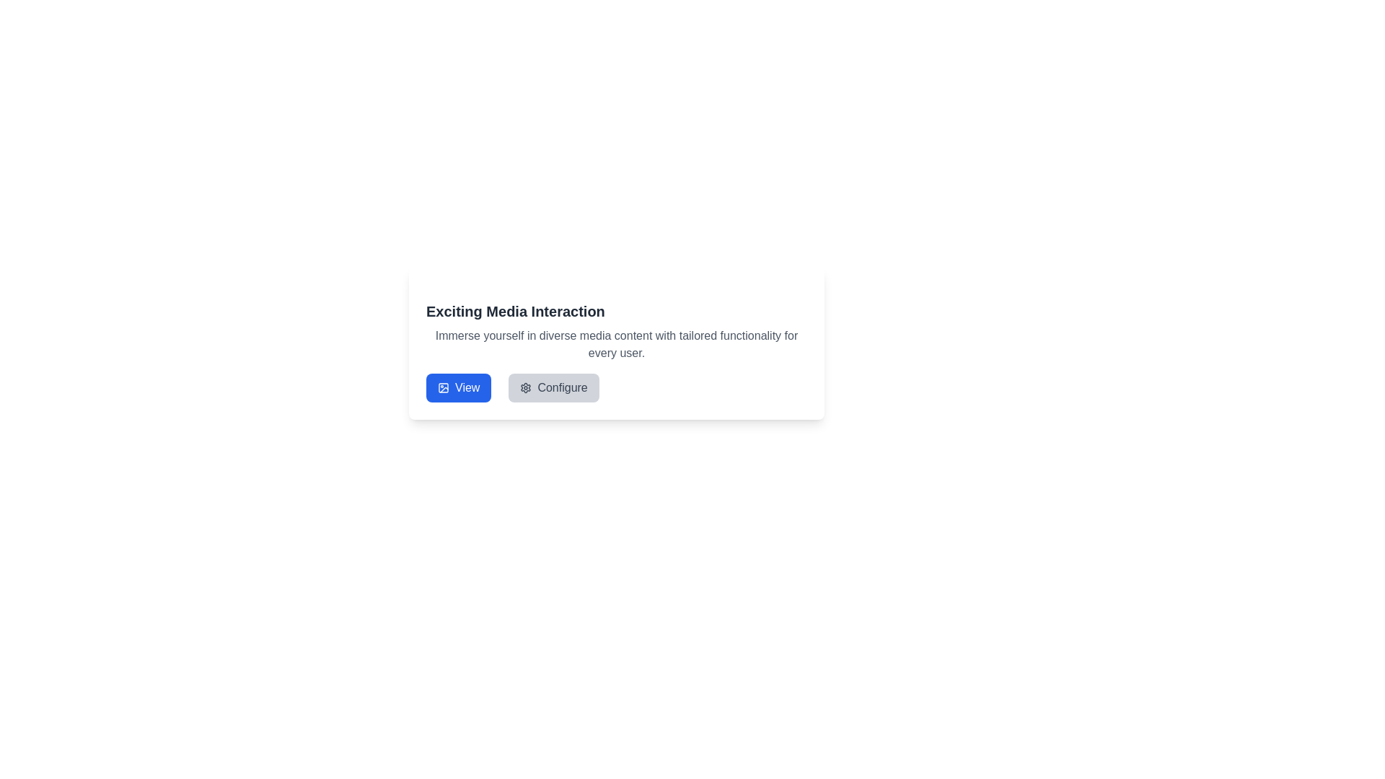 The height and width of the screenshot is (779, 1385). Describe the element at coordinates (442, 387) in the screenshot. I see `the small SVG icon depicting an image located within the blue button labeled 'View' at the bottom-left corner of the card` at that location.